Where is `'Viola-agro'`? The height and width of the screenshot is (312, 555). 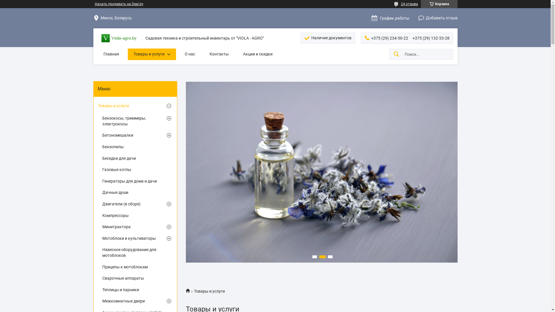
'Viola-agro' is located at coordinates (190, 290).